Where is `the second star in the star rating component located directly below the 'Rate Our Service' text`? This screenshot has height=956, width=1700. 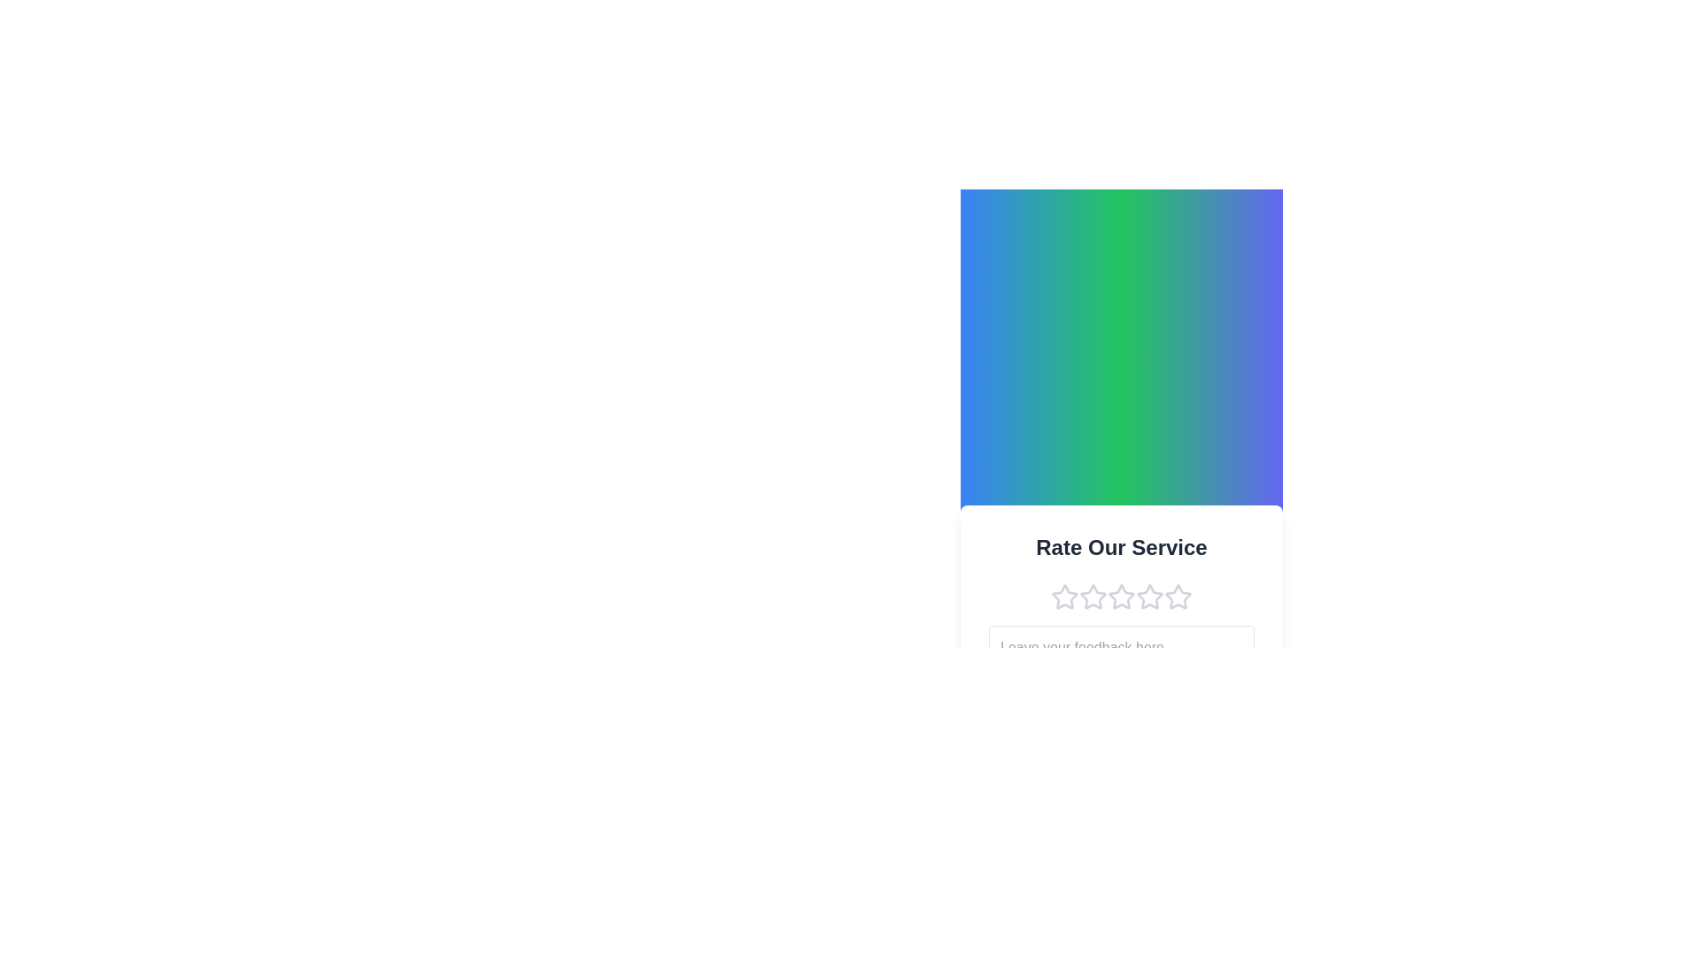
the second star in the star rating component located directly below the 'Rate Our Service' text is located at coordinates (1092, 597).